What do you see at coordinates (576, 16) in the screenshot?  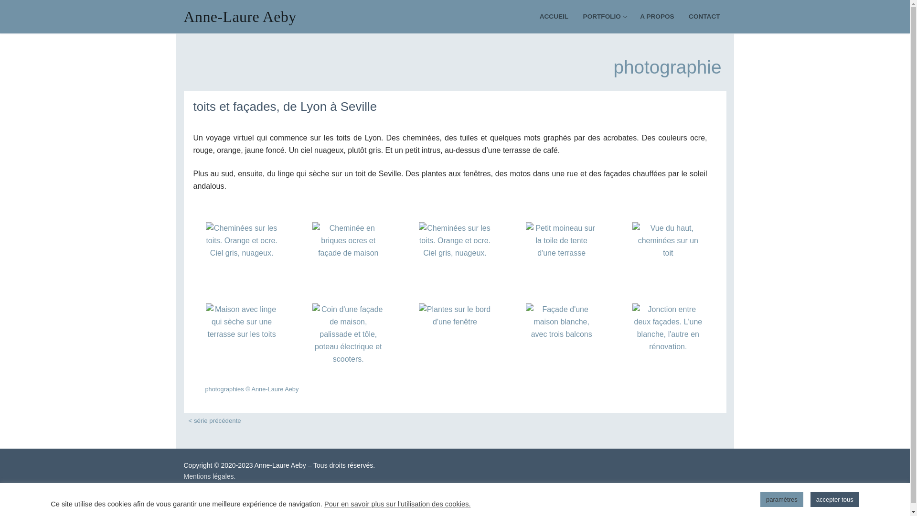 I see `'PORTFOLIO` at bounding box center [576, 16].